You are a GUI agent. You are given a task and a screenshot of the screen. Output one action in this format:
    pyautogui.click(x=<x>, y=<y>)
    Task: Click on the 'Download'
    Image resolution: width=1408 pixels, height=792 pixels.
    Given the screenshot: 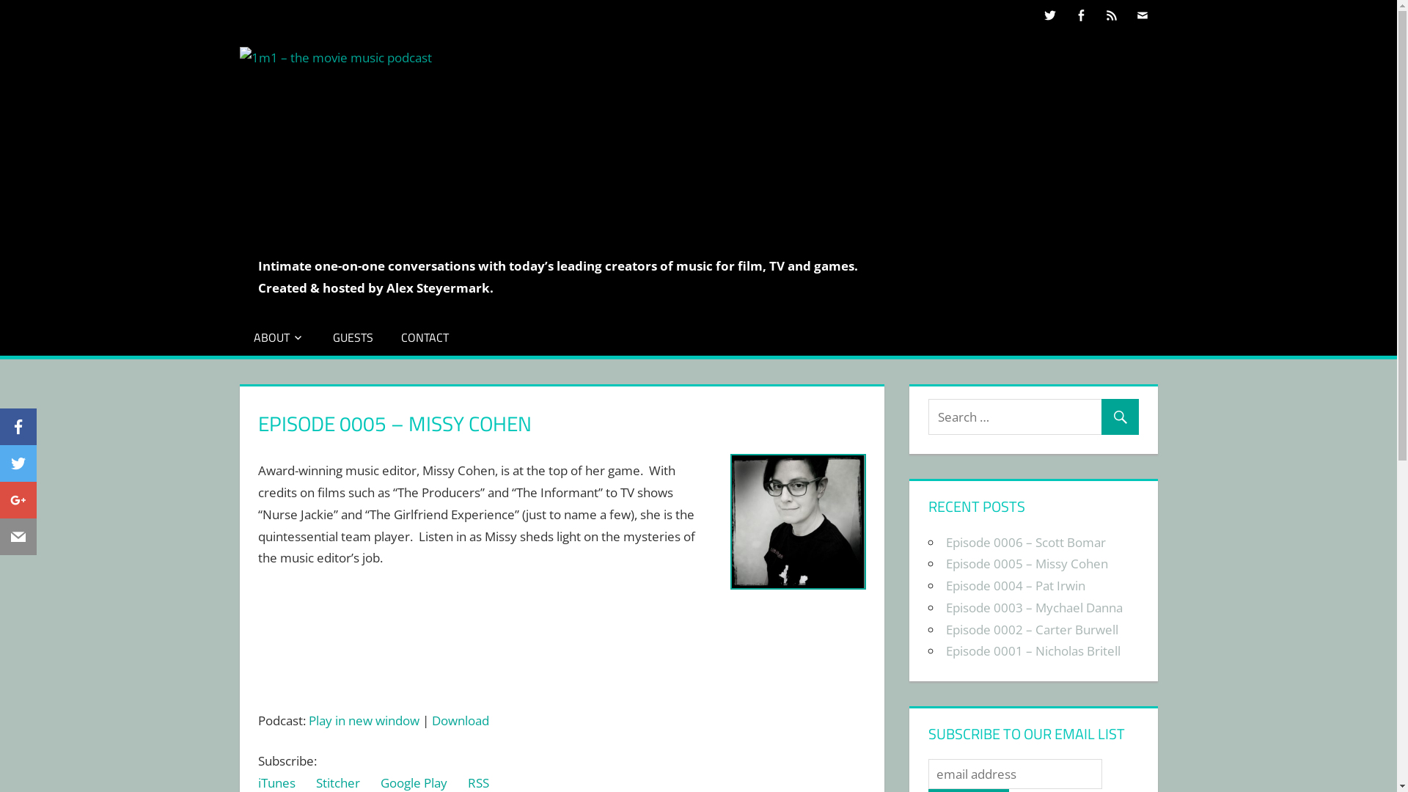 What is the action you would take?
    pyautogui.click(x=460, y=719)
    